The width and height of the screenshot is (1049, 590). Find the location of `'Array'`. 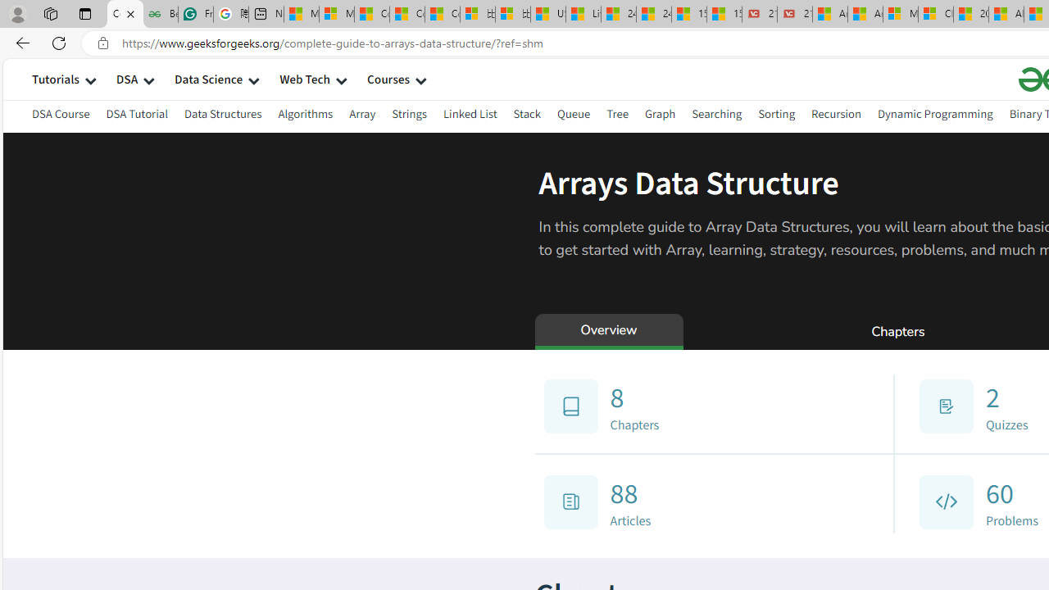

'Array' is located at coordinates (361, 116).